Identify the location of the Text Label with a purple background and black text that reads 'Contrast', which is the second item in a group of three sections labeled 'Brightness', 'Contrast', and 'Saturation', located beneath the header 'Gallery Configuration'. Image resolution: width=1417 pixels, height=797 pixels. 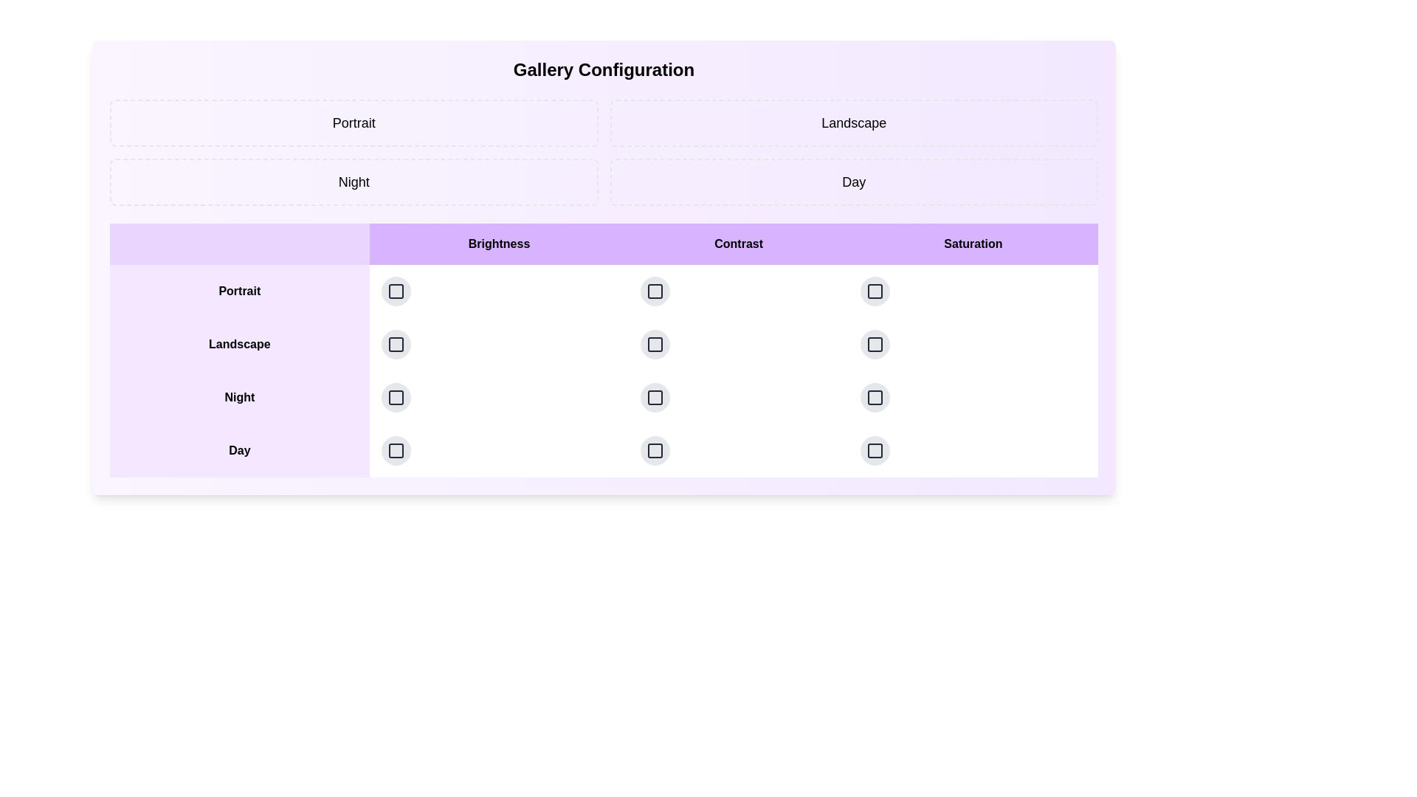
(739, 244).